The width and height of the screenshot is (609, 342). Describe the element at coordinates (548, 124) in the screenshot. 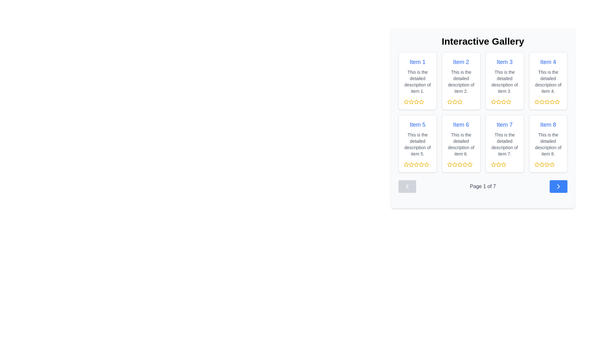

I see `the text label displaying 'Item 8', which is styled with a blue font color and appears as a prominent title in the bottom-right corner of the display area` at that location.